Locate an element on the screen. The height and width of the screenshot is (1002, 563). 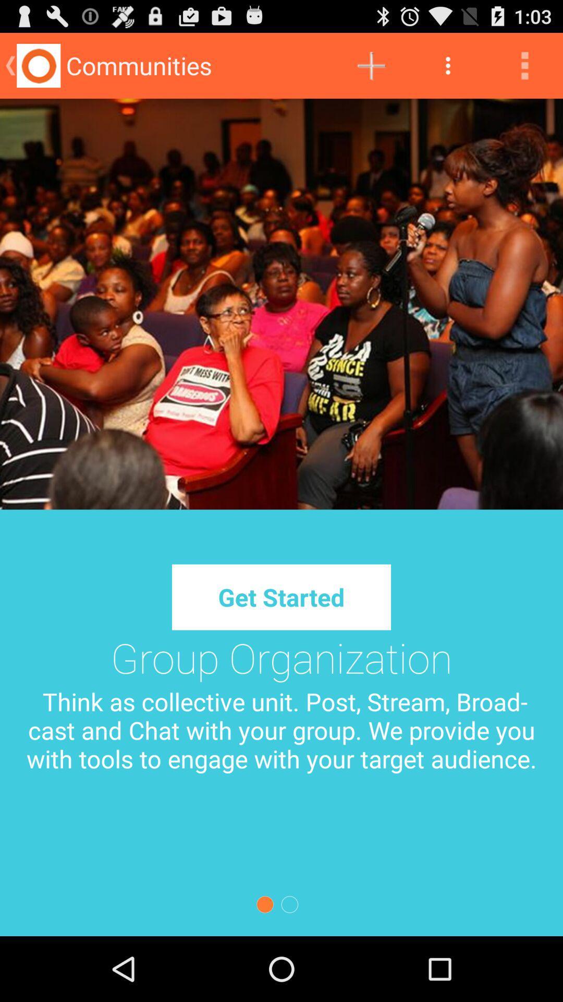
icon to the right of the communities app is located at coordinates (371, 65).